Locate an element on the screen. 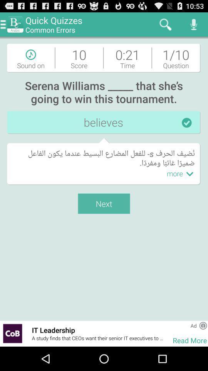  open about advertisement is located at coordinates (203, 325).